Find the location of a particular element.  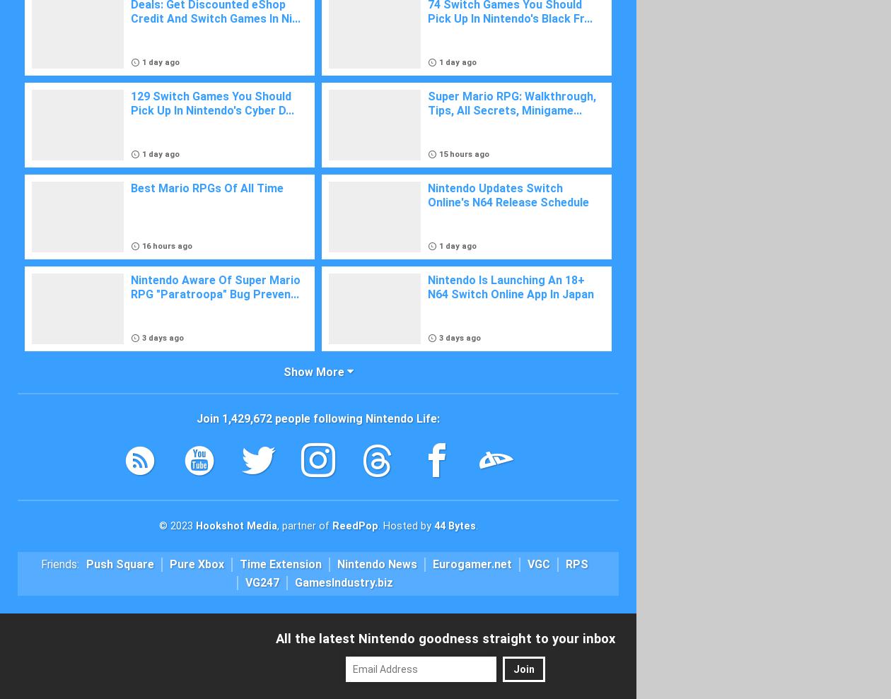

'Join' is located at coordinates (209, 418).